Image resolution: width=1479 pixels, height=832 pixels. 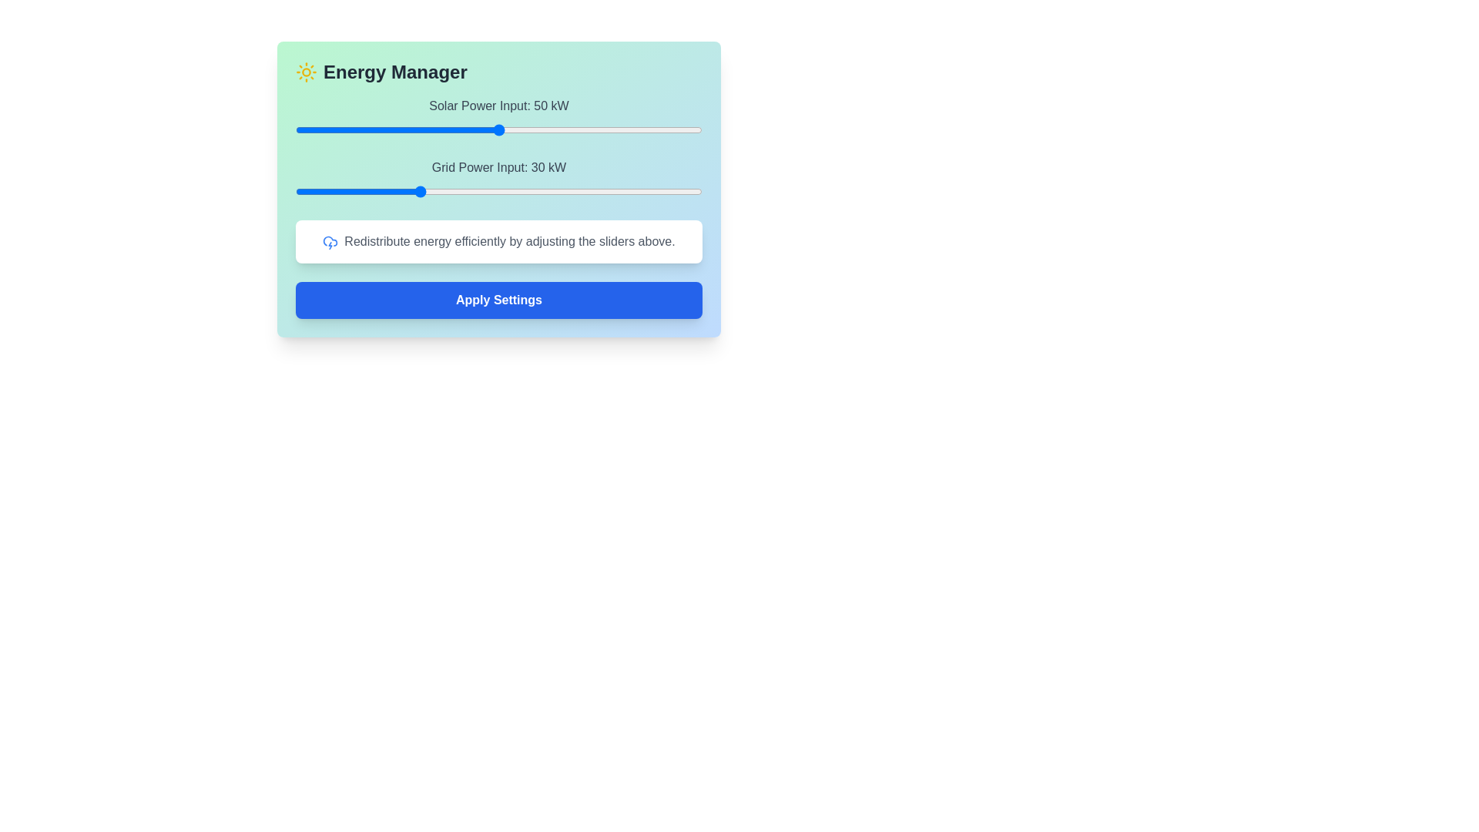 What do you see at coordinates (653, 129) in the screenshot?
I see `the Solar Power Input slider to 88 kW` at bounding box center [653, 129].